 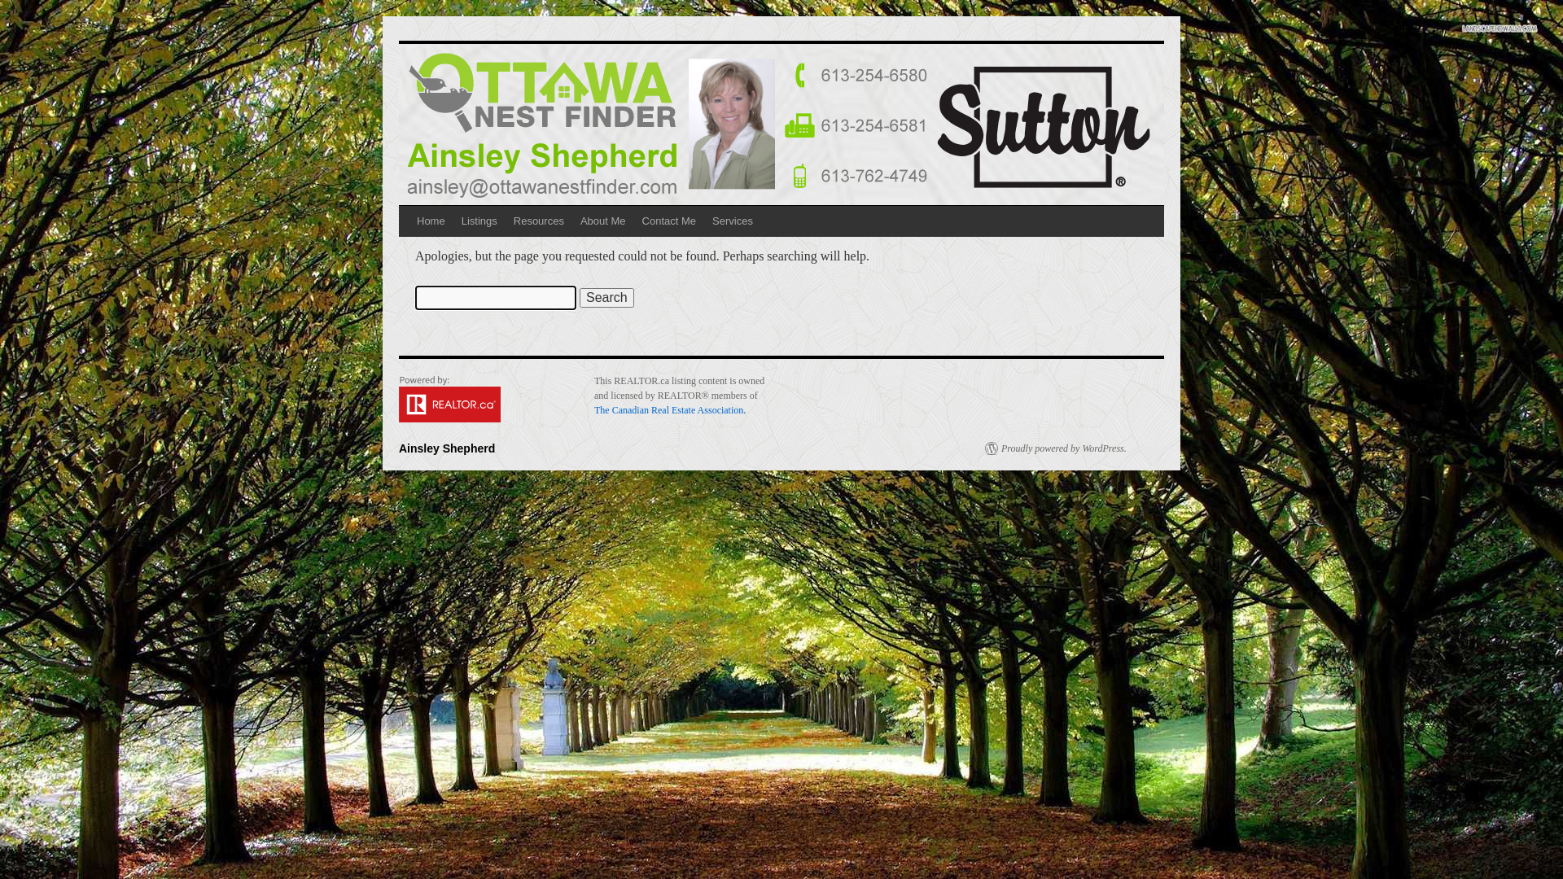 What do you see at coordinates (431, 221) in the screenshot?
I see `'Home'` at bounding box center [431, 221].